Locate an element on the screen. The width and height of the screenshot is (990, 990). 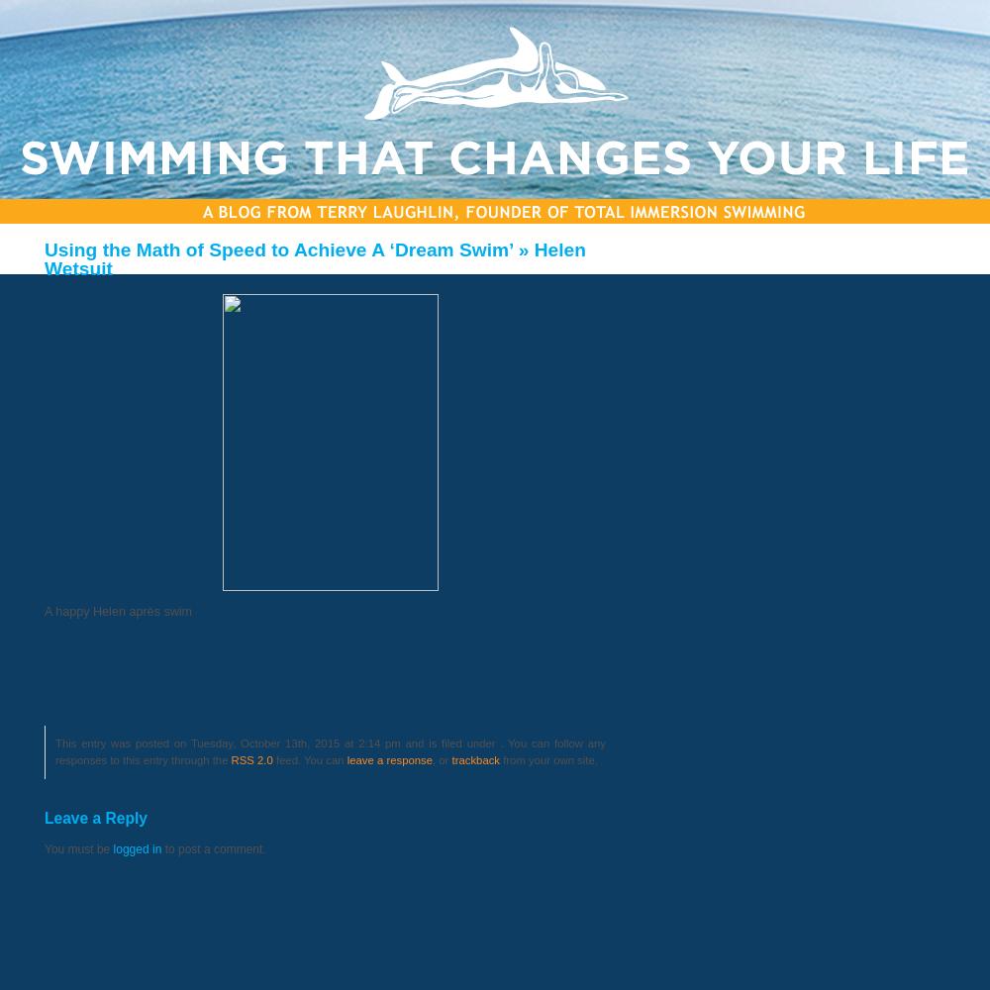
'RSS 2.0' is located at coordinates (251, 760).